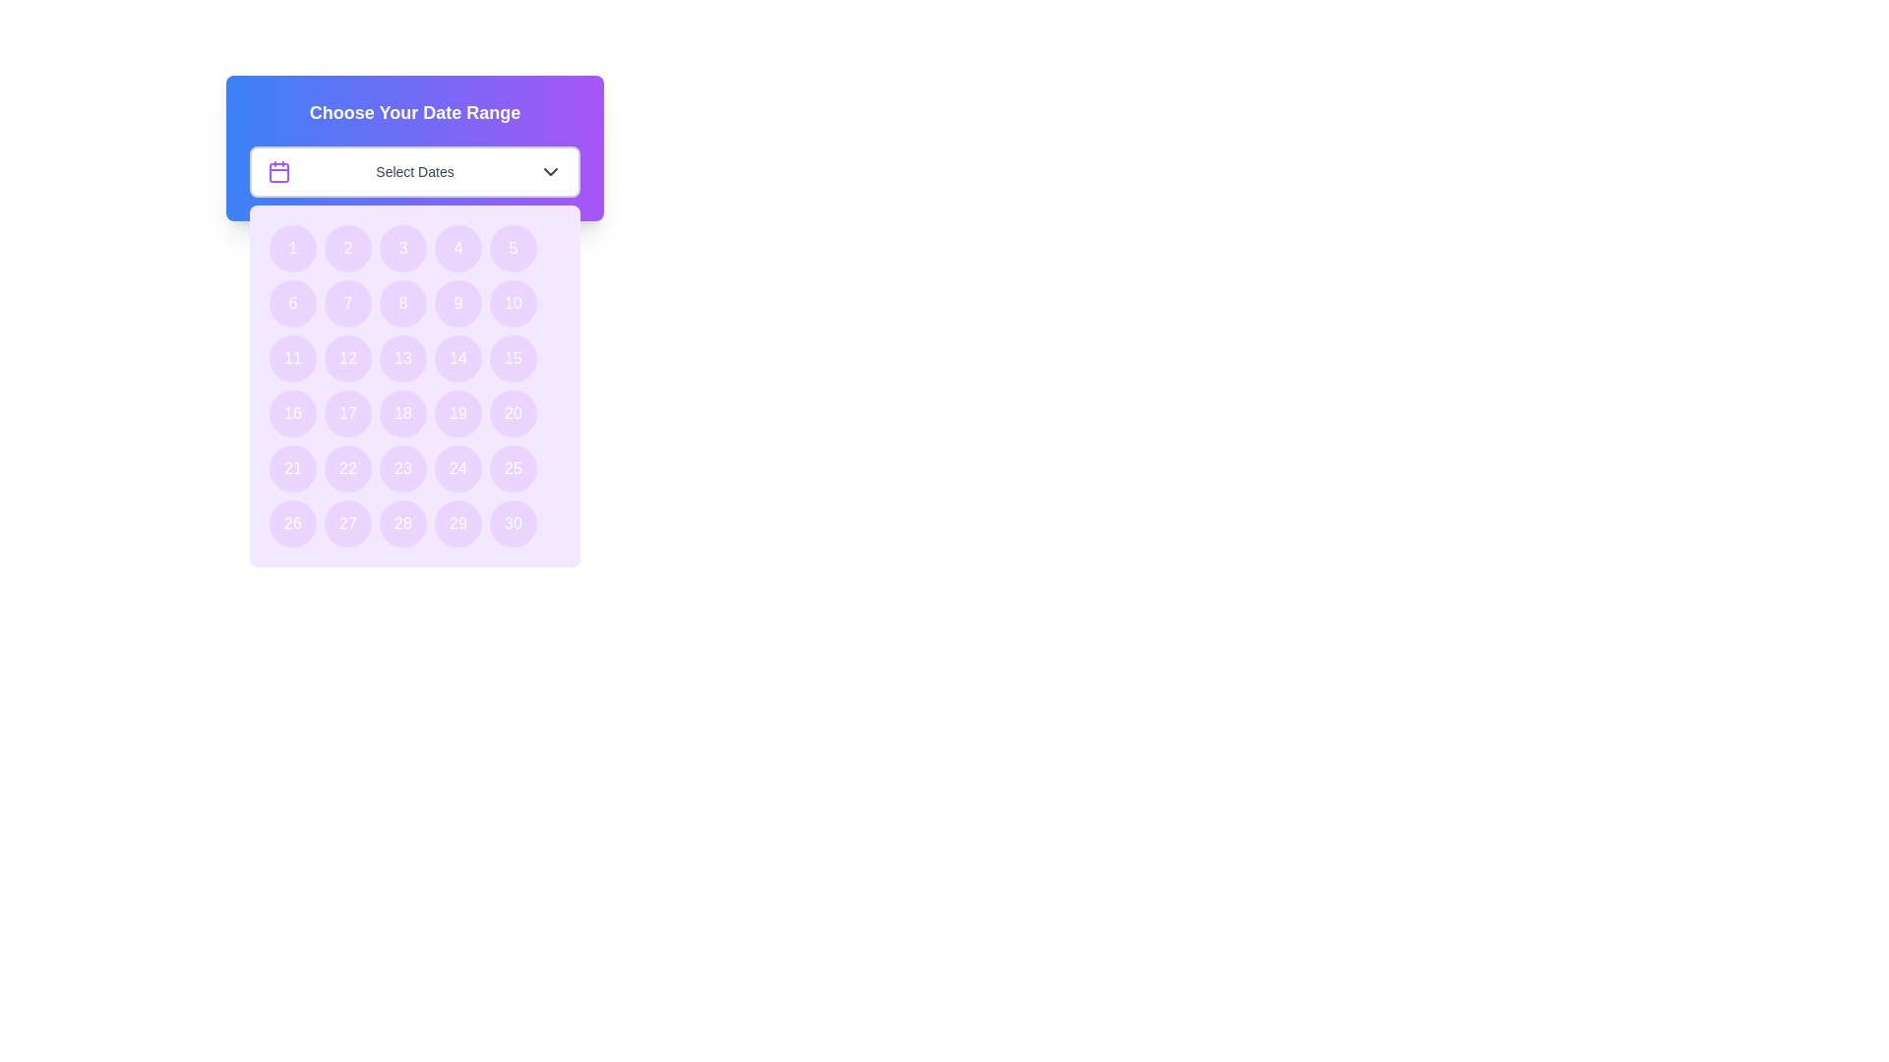  What do you see at coordinates (457, 412) in the screenshot?
I see `the rounded button with a purple background that displays the number '19'` at bounding box center [457, 412].